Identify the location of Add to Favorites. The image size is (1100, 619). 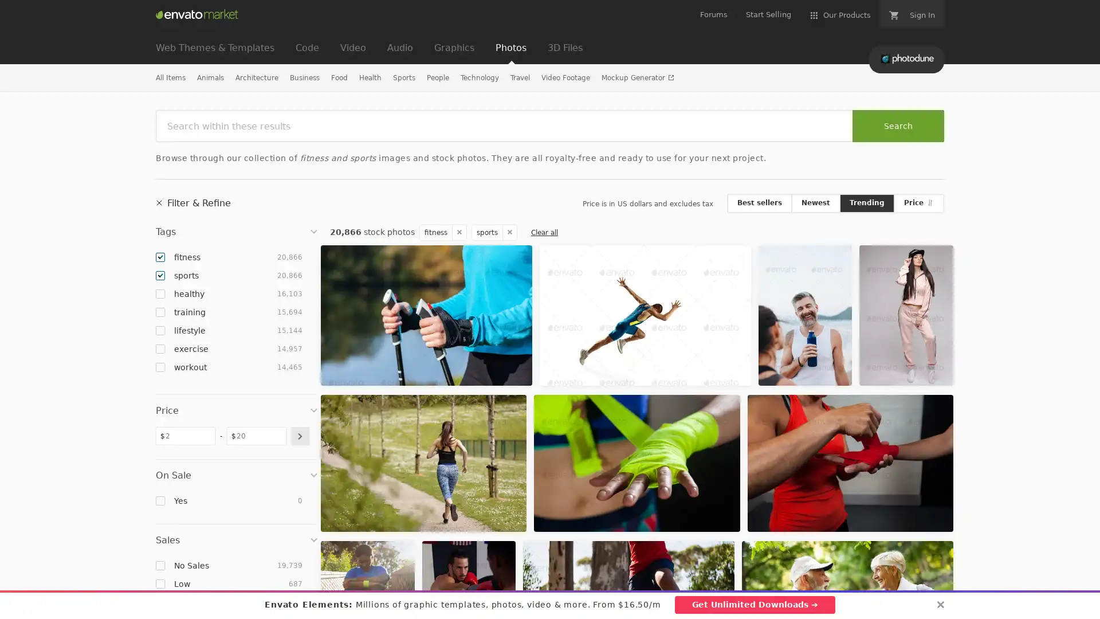
(516, 259).